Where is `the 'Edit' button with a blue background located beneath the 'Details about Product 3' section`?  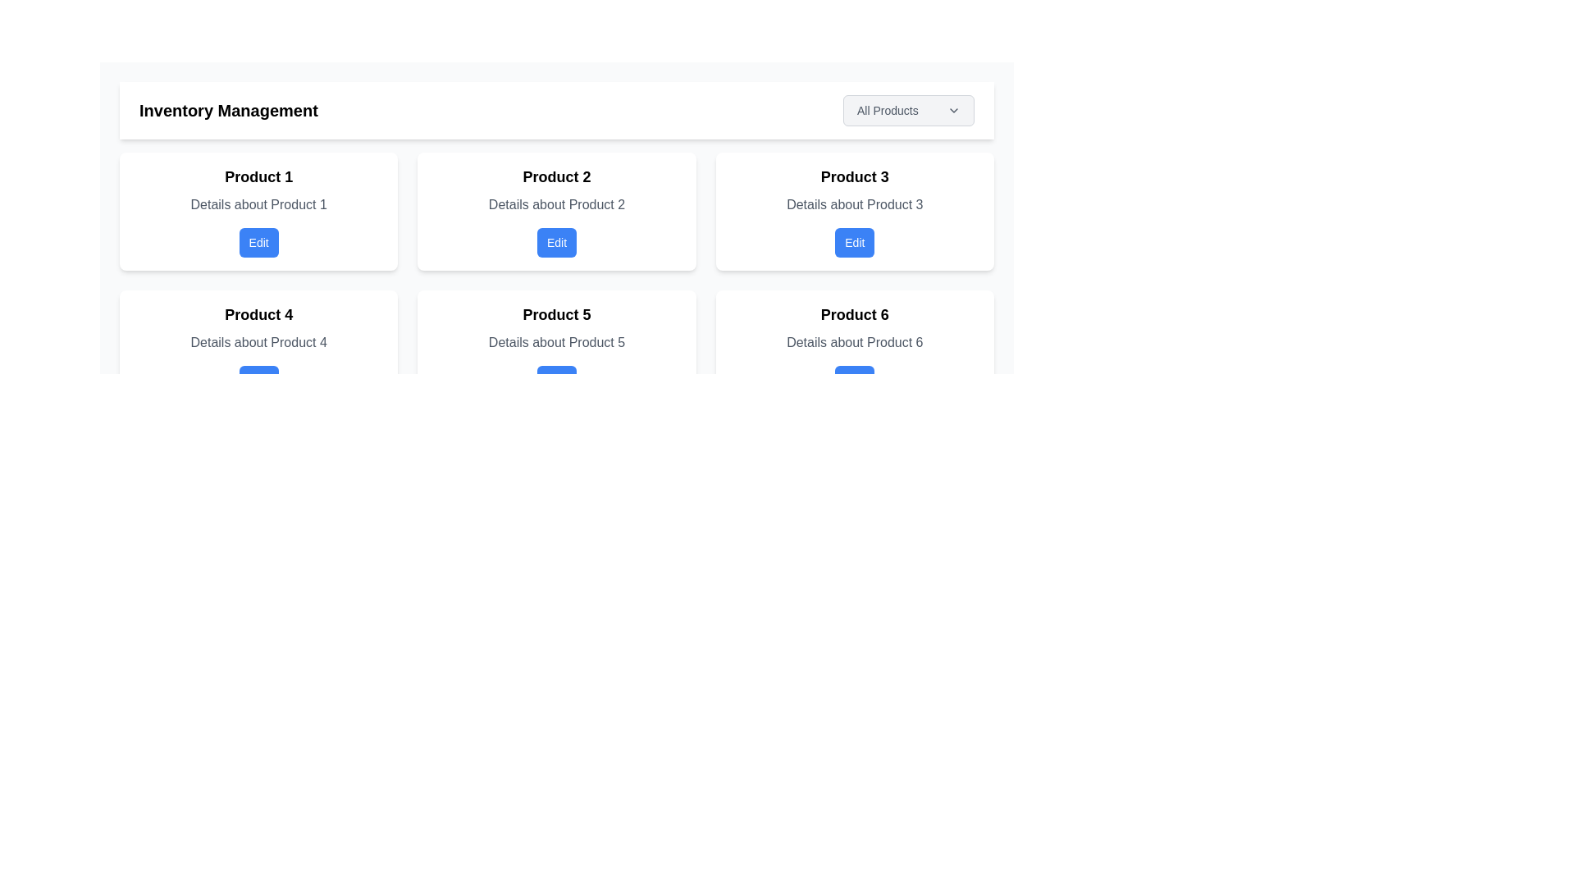
the 'Edit' button with a blue background located beneath the 'Details about Product 3' section is located at coordinates (854, 243).